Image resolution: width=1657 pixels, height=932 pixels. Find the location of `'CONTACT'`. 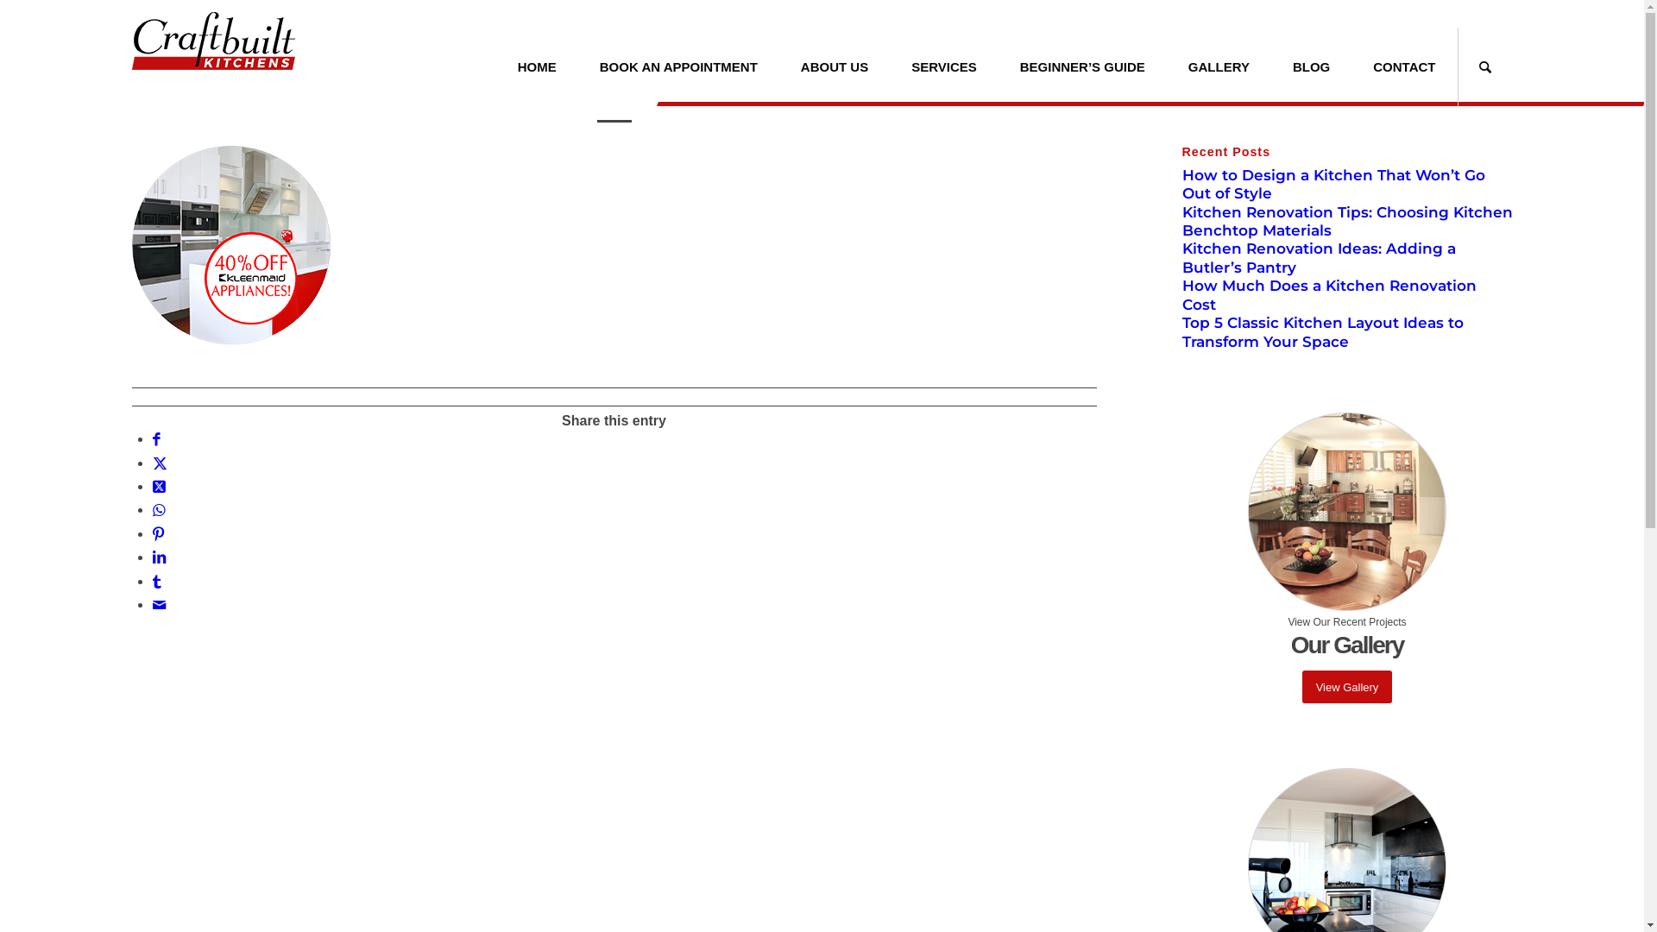

'CONTACT' is located at coordinates (1404, 66).